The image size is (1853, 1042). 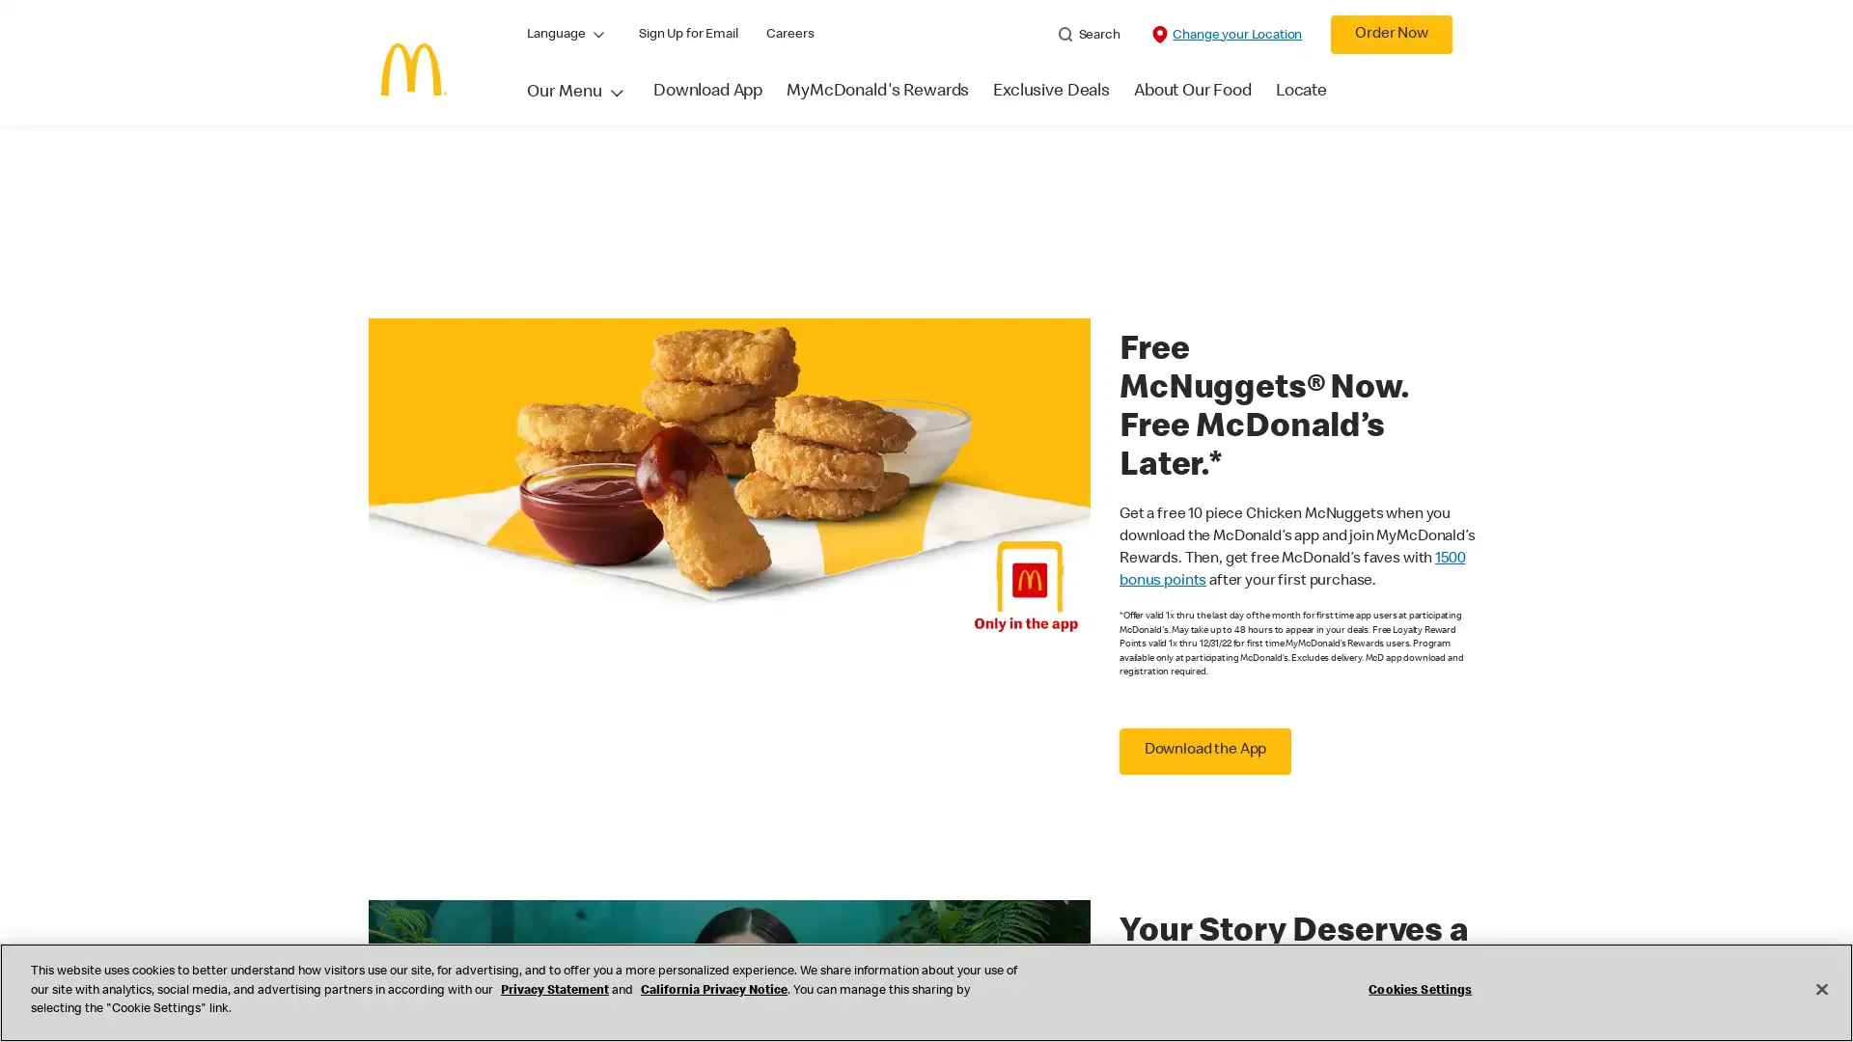 What do you see at coordinates (1820, 989) in the screenshot?
I see `Close` at bounding box center [1820, 989].